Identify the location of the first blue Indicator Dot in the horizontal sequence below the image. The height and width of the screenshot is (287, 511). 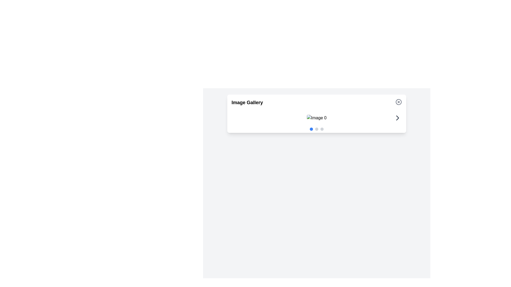
(311, 129).